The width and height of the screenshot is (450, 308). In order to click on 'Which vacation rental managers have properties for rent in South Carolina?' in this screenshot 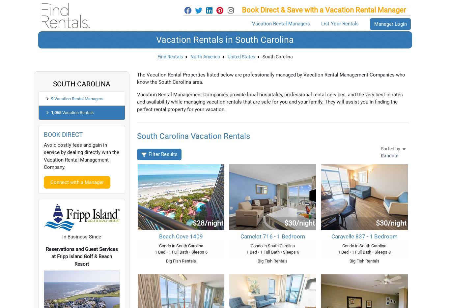, I will do `click(166, 111)`.